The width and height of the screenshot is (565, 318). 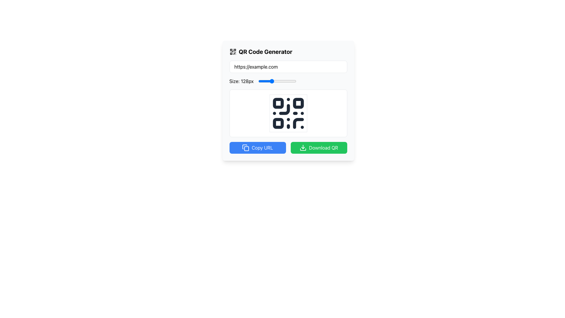 What do you see at coordinates (278, 123) in the screenshot?
I see `the small black square with rounded corners located at the bottom-left corner of the QR code interface, which is the third square among the larger squares in the QR pattern` at bounding box center [278, 123].